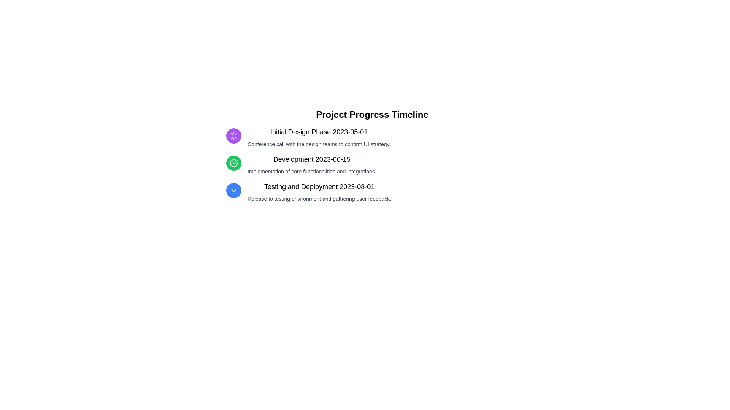 Image resolution: width=730 pixels, height=410 pixels. What do you see at coordinates (372, 191) in the screenshot?
I see `the List Item with Icon and Text representing the 'Testing and Deployment' phase, located at the bottom of the list of phases` at bounding box center [372, 191].